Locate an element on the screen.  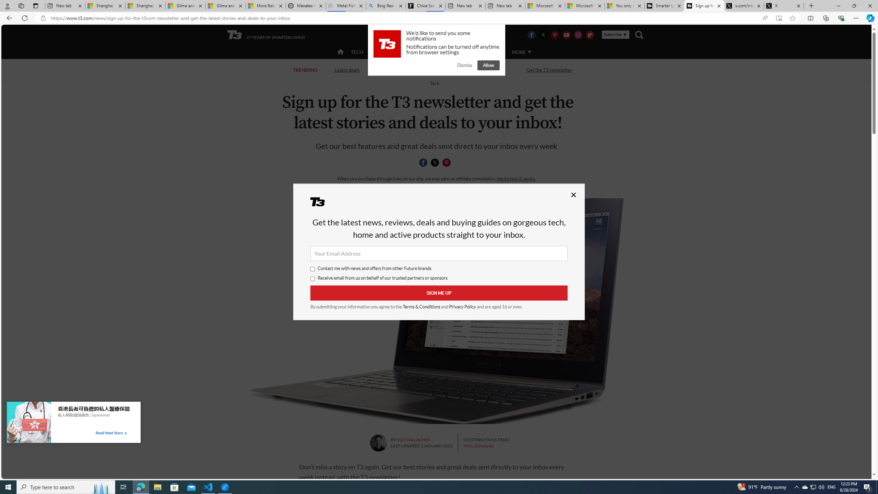
'Subscribe' is located at coordinates (615, 34).